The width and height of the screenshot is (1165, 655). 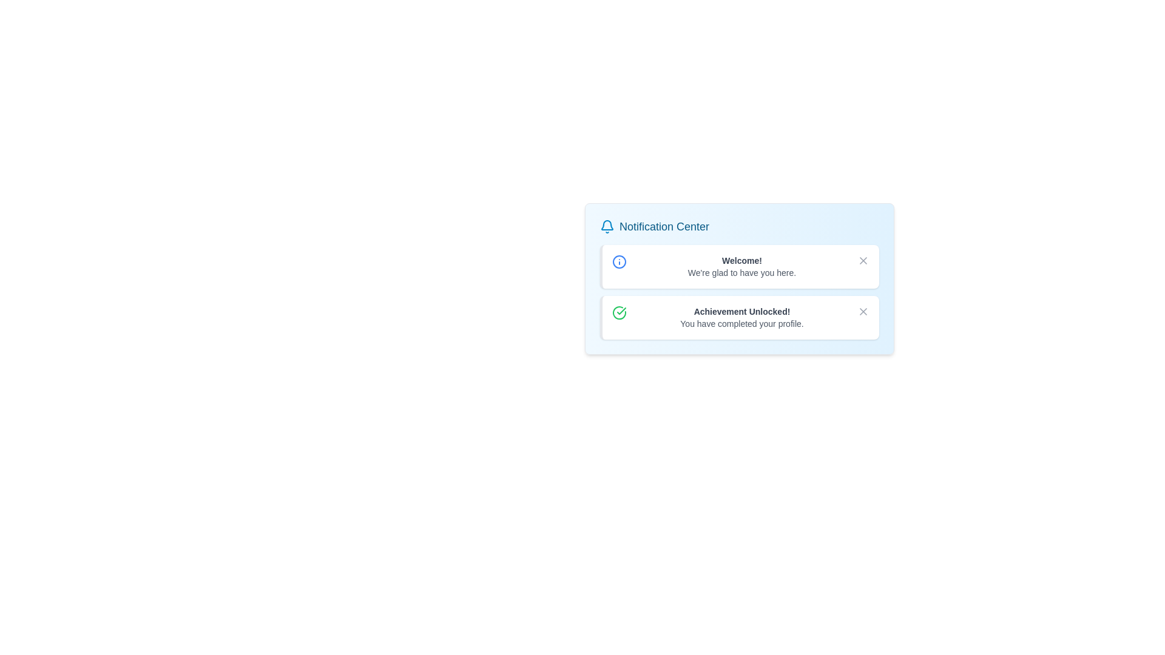 What do you see at coordinates (620, 261) in the screenshot?
I see `the informational status icon located at the top-left corner of the notification card that reads 'Welcome! We're glad to have you here.'` at bounding box center [620, 261].